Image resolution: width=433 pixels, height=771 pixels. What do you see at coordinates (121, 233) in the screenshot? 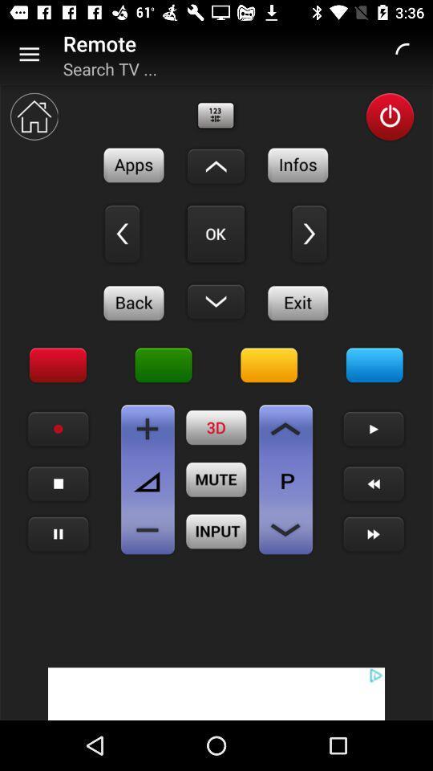
I see `go back` at bounding box center [121, 233].